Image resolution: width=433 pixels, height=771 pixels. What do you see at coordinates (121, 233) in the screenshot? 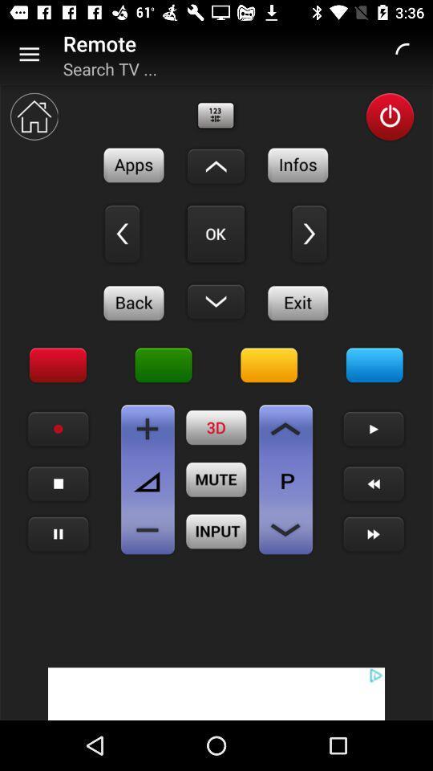
I see `go back` at bounding box center [121, 233].